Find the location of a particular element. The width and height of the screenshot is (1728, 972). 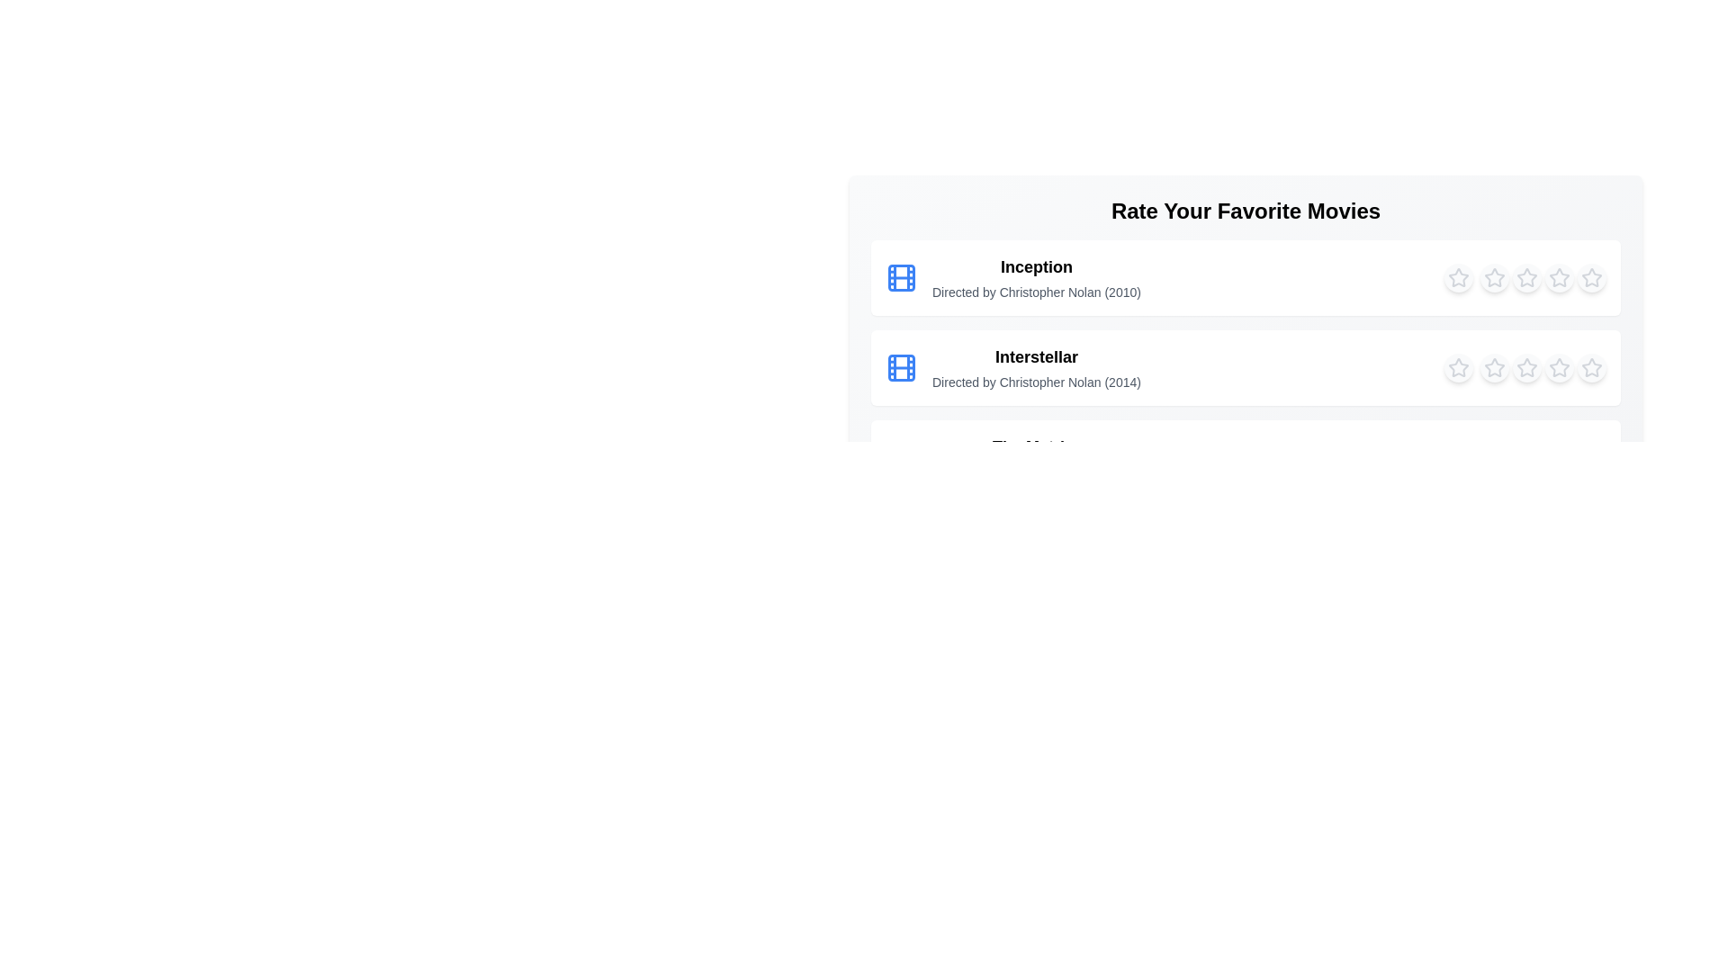

the 5 star to highlight it is located at coordinates (1592, 277).